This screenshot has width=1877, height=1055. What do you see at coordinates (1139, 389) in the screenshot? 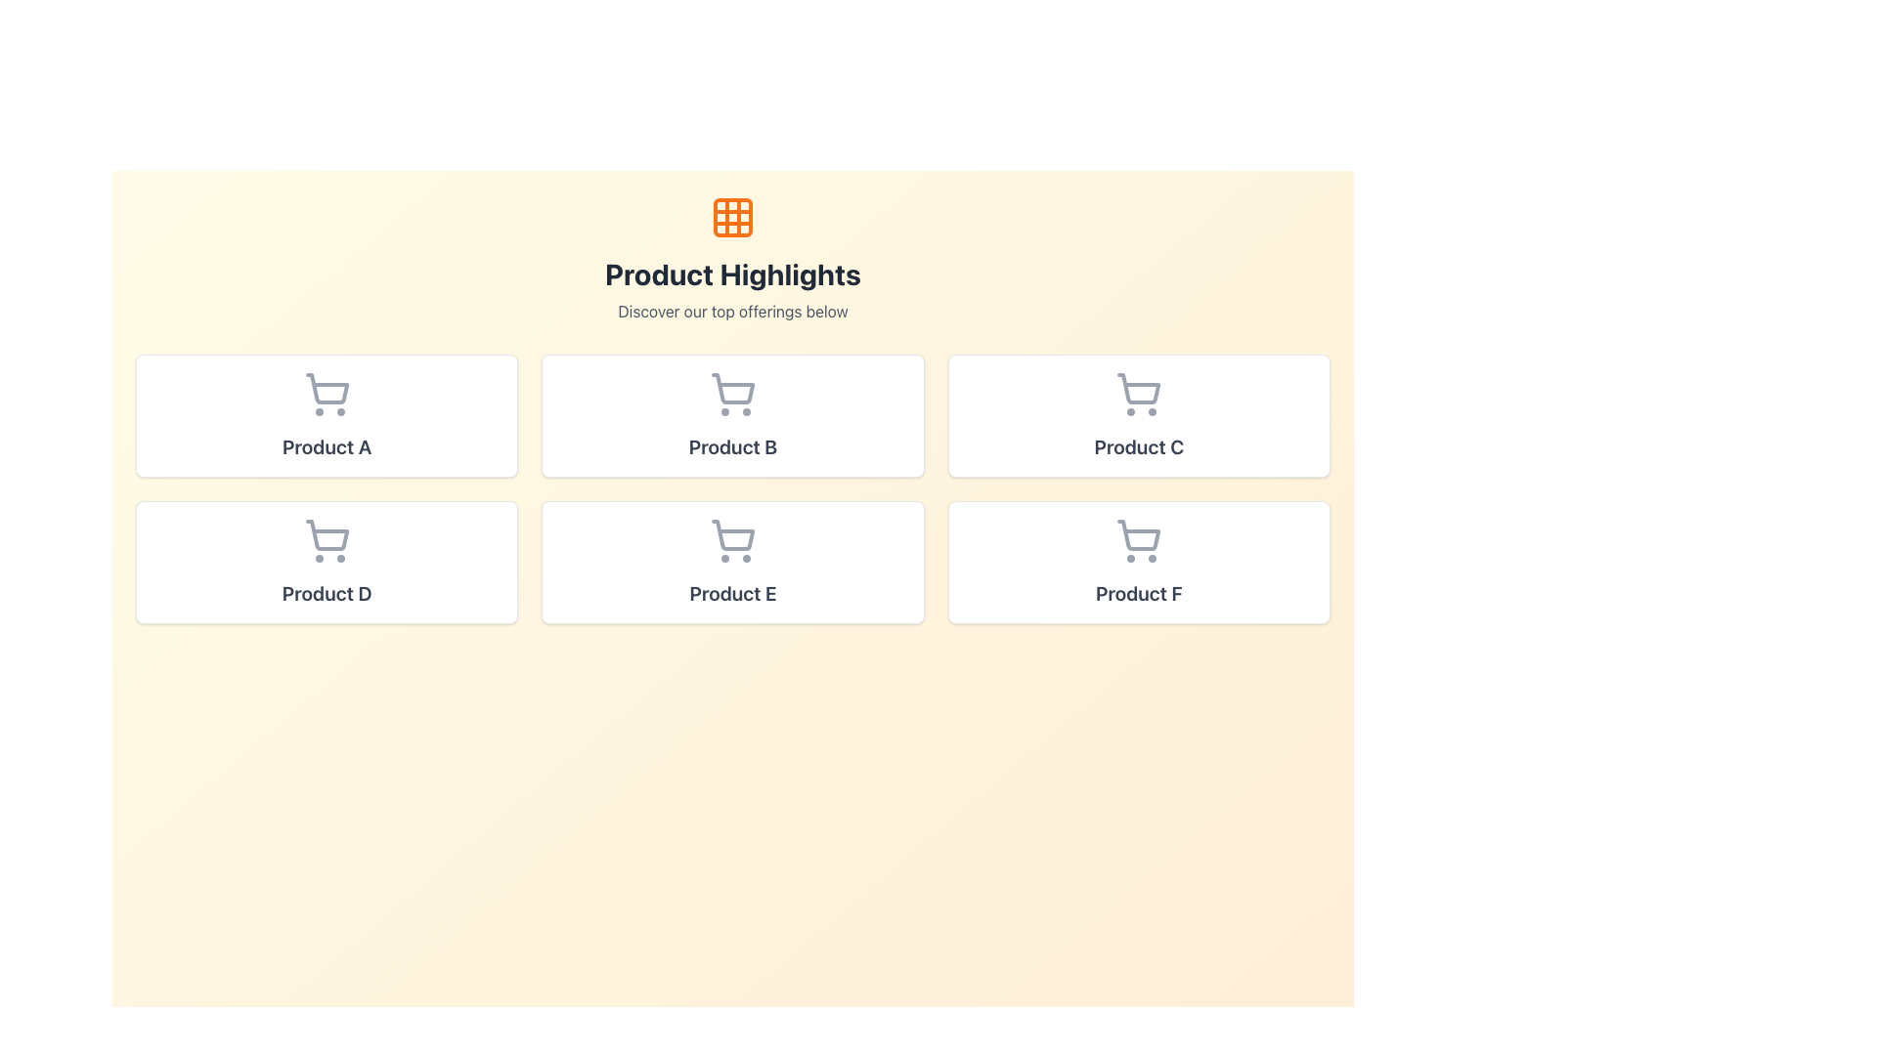
I see `the shopping cart icon located within the 'Product C' cell in the grid layout` at bounding box center [1139, 389].